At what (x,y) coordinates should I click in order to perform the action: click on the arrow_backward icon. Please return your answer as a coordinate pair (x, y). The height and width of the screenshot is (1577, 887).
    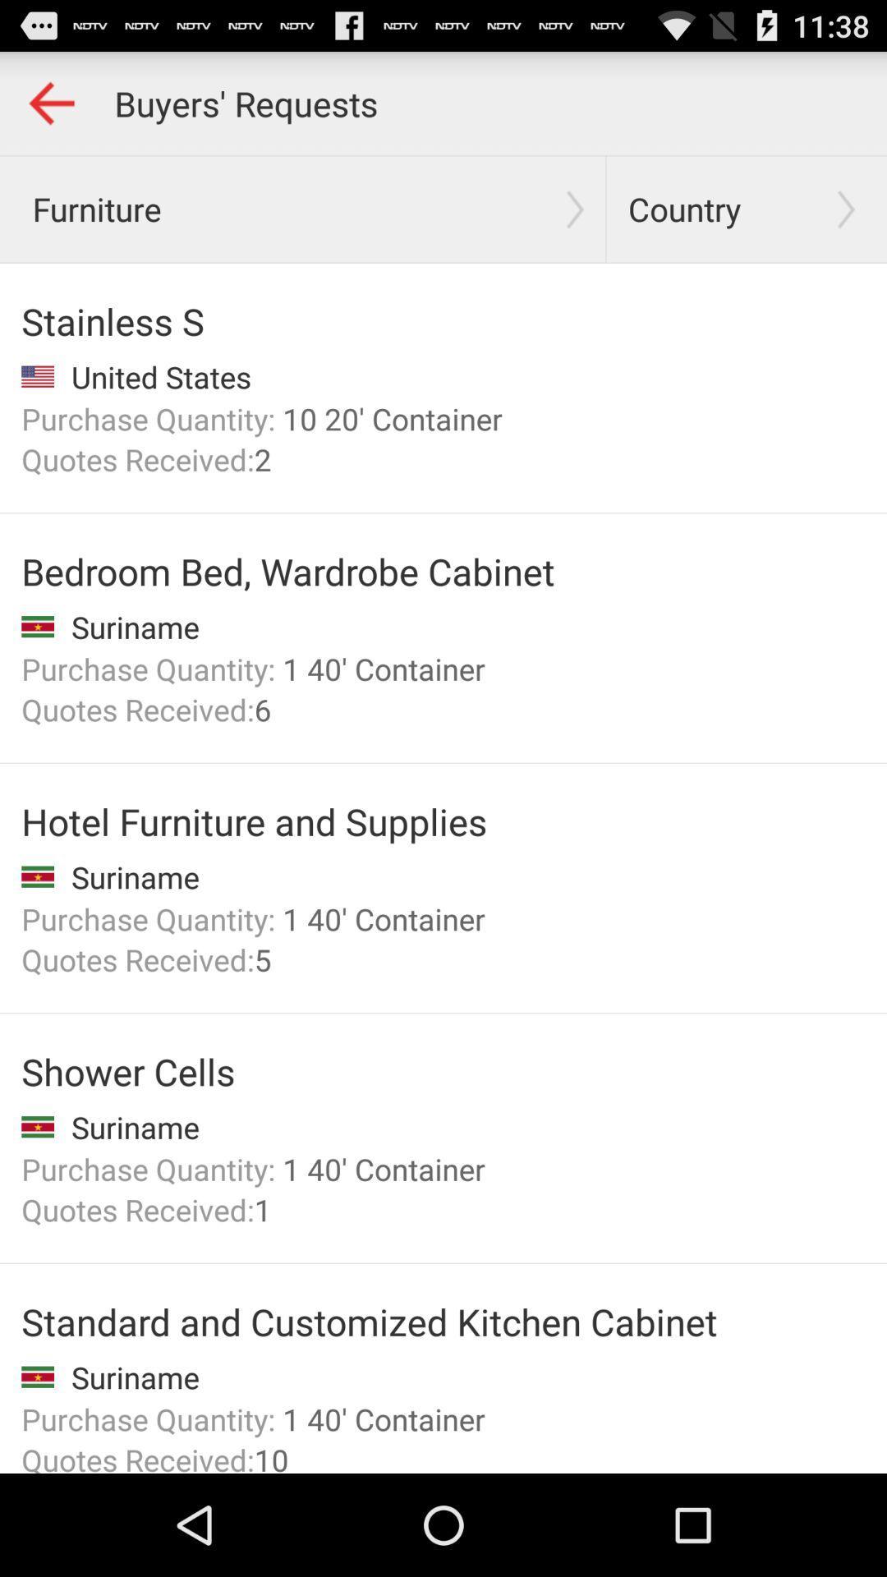
    Looking at the image, I should click on (50, 109).